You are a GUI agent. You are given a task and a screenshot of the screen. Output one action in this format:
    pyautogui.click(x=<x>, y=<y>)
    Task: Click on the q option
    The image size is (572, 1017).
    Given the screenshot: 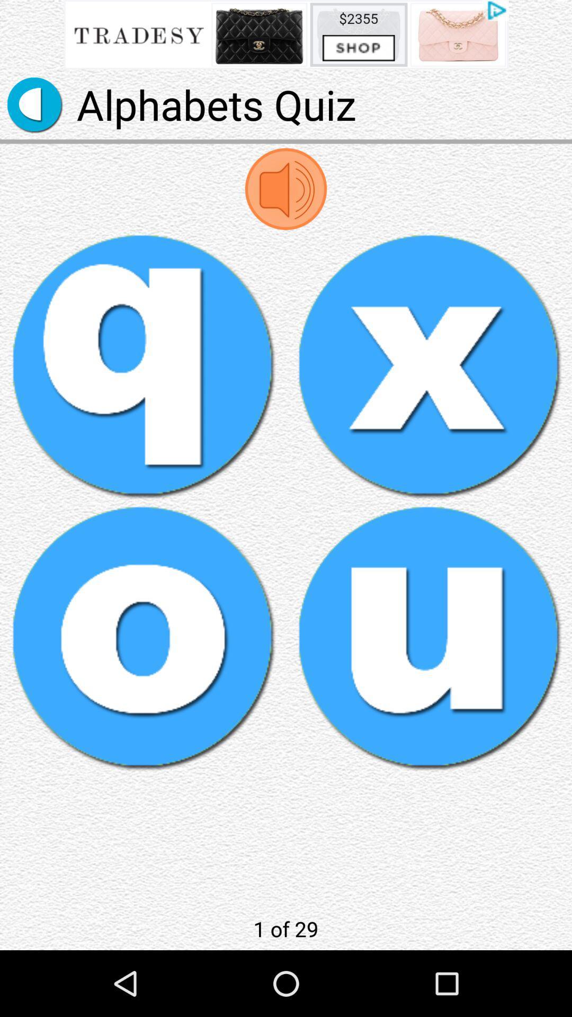 What is the action you would take?
    pyautogui.click(x=143, y=365)
    